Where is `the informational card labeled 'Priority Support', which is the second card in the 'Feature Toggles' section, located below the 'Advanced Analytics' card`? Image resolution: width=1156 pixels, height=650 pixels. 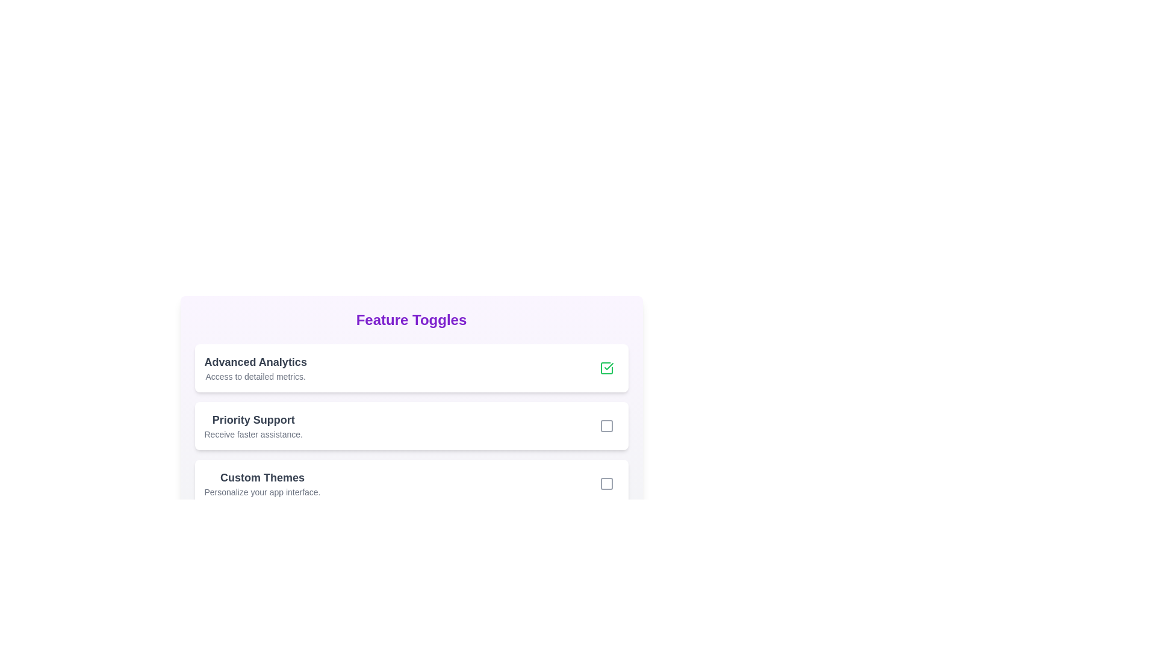 the informational card labeled 'Priority Support', which is the second card in the 'Feature Toggles' section, located below the 'Advanced Analytics' card is located at coordinates (411, 408).